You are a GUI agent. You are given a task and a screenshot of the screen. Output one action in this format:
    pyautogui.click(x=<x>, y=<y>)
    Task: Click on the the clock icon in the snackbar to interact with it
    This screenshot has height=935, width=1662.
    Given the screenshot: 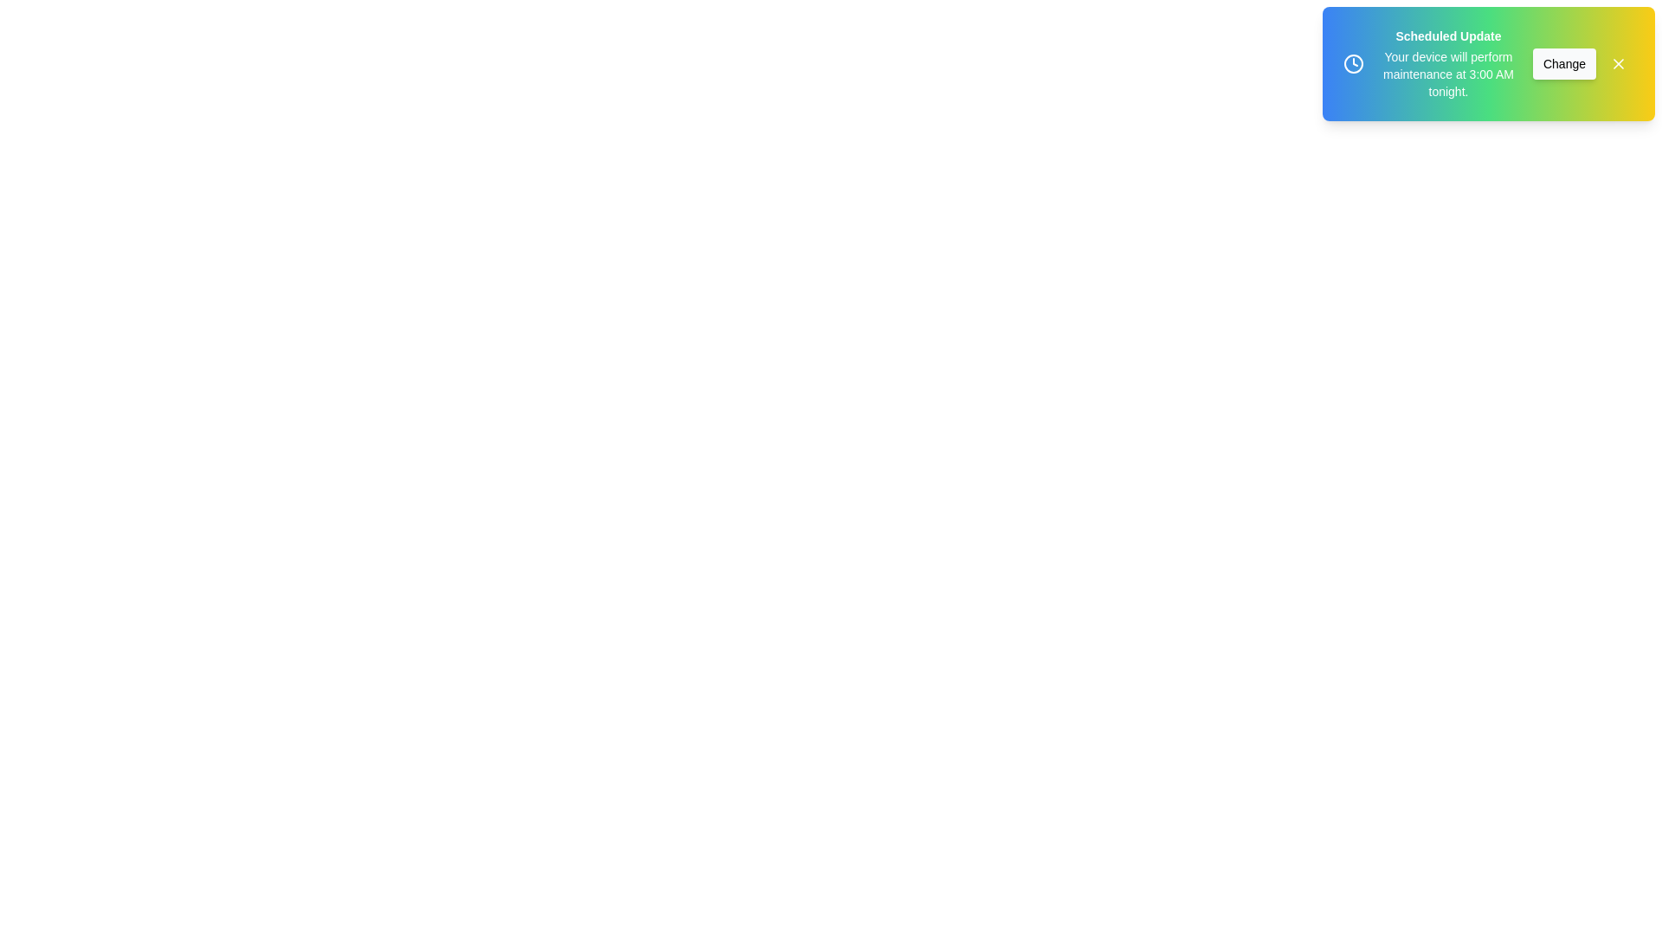 What is the action you would take?
    pyautogui.click(x=1353, y=62)
    